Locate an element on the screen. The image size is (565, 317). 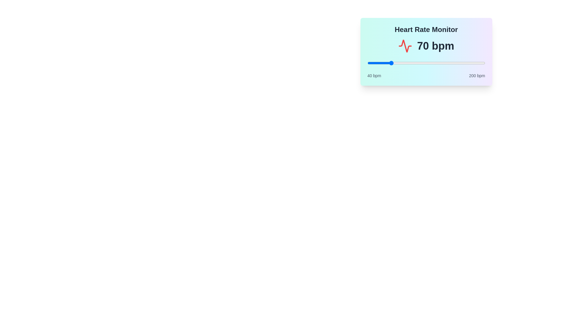
the heart rate slider to set the heart rate to 158 bpm is located at coordinates (454, 63).